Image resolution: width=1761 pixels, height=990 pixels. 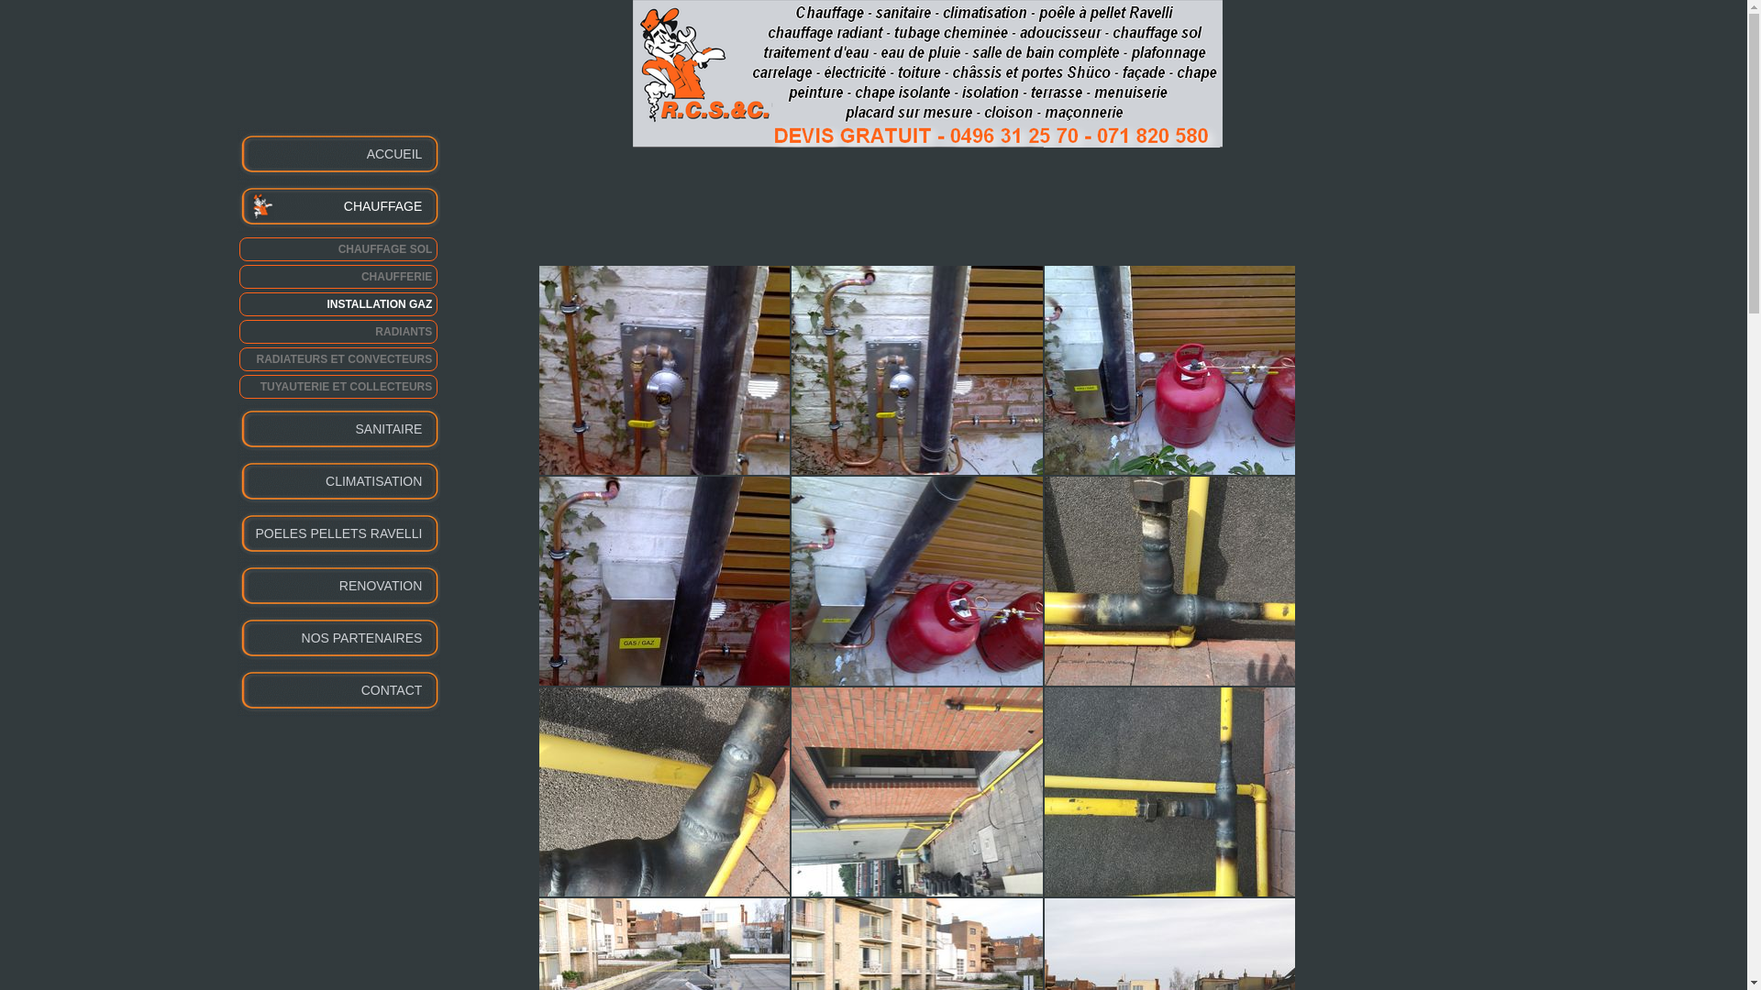 I want to click on 'CHAUFFAGE', so click(x=236, y=206).